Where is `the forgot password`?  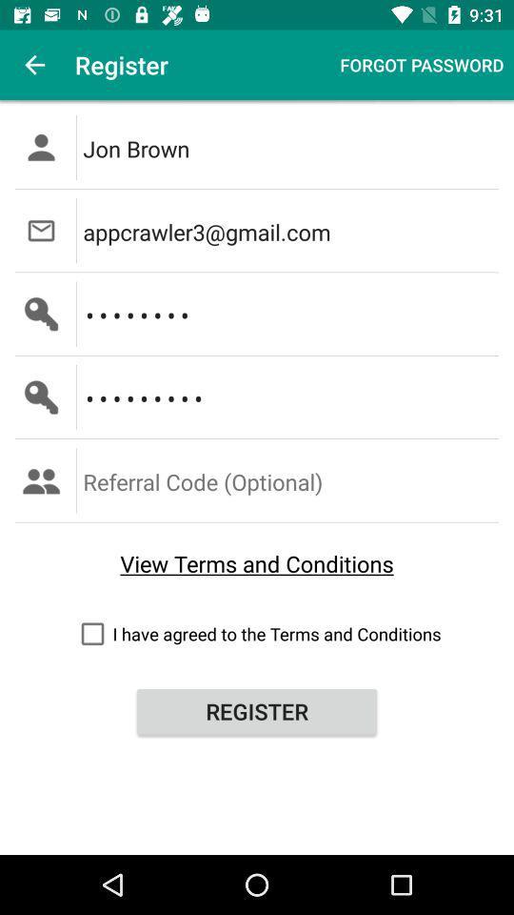 the forgot password is located at coordinates (422, 65).